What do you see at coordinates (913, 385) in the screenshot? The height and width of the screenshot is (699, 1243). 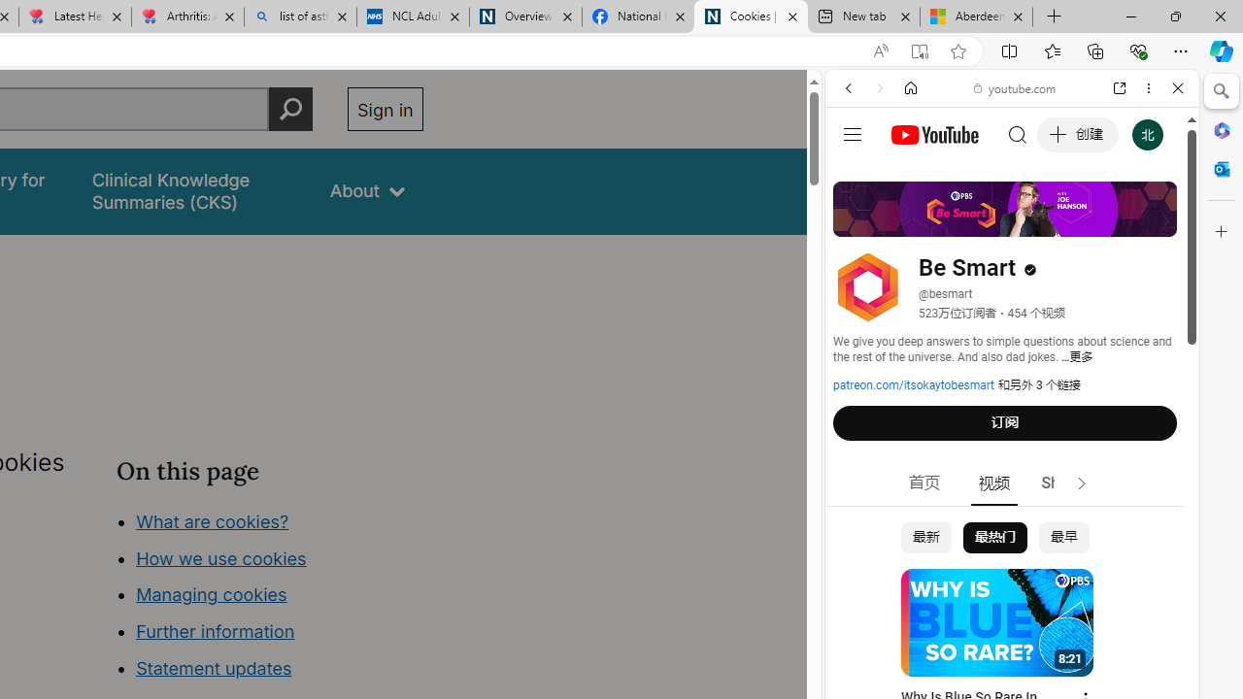 I see `'patreon.com/itsokaytobesmart'` at bounding box center [913, 385].